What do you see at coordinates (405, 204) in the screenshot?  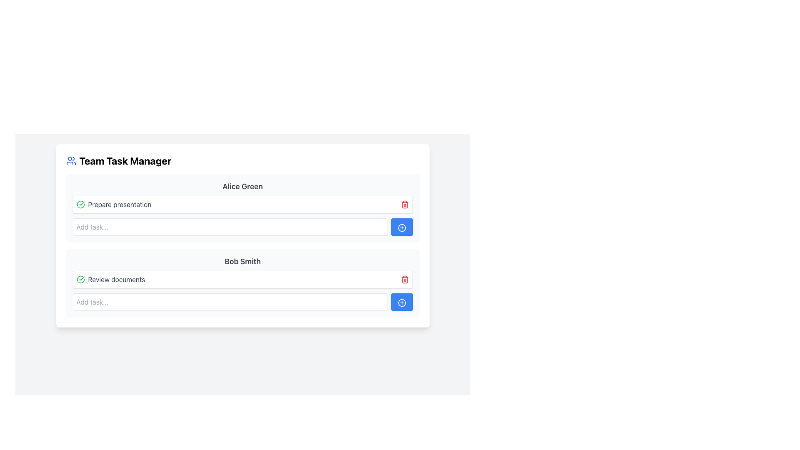 I see `the delete icon associated with the 'Prepare presentation' task` at bounding box center [405, 204].